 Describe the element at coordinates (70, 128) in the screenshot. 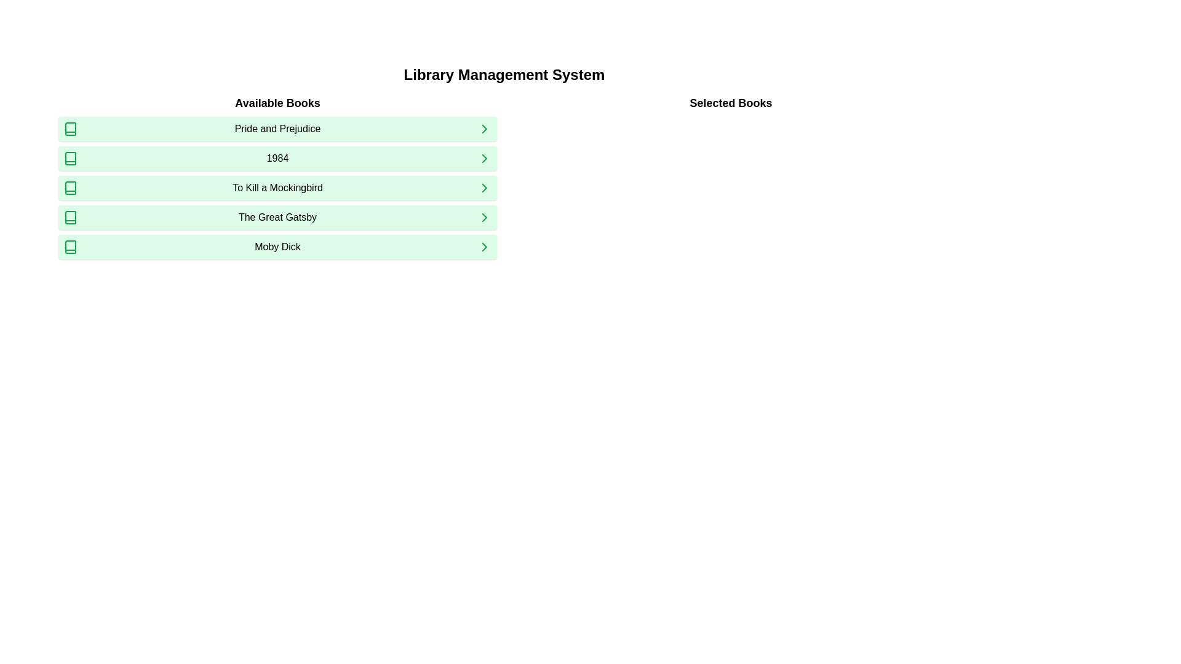

I see `the green book icon located in the first row of the 'Available Books' list, positioned to the left of the text 'Pride and Prejudice'` at that location.